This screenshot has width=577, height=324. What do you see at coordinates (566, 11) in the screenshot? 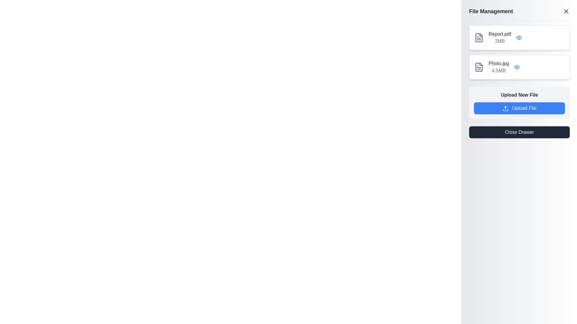
I see `the close button in the top-right corner of the 'File Management' panel` at bounding box center [566, 11].